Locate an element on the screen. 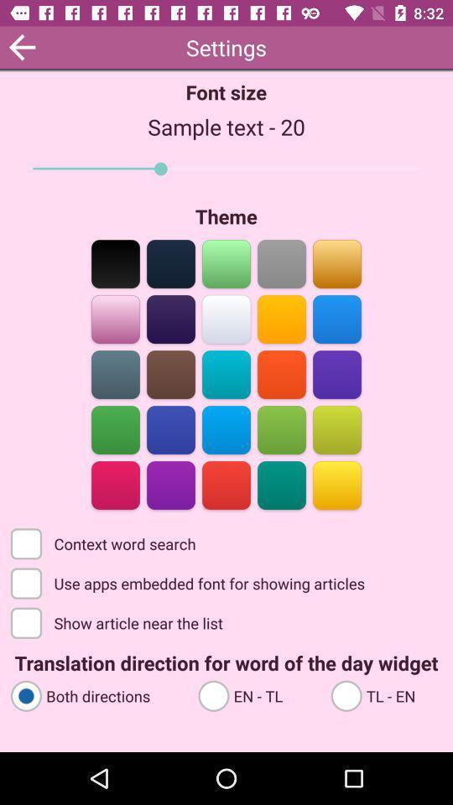 Image resolution: width=453 pixels, height=805 pixels. item above the translation direction for is located at coordinates (117, 621).